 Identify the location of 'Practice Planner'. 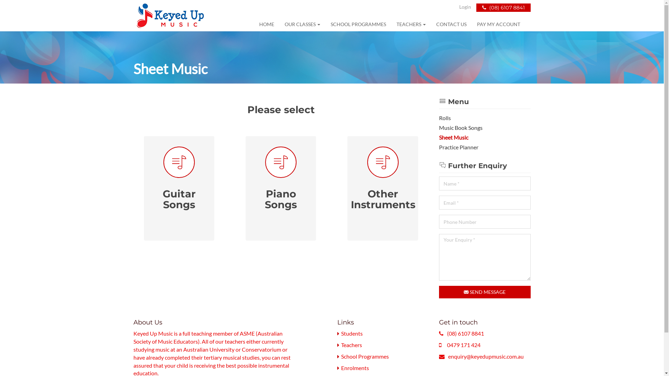
(484, 147).